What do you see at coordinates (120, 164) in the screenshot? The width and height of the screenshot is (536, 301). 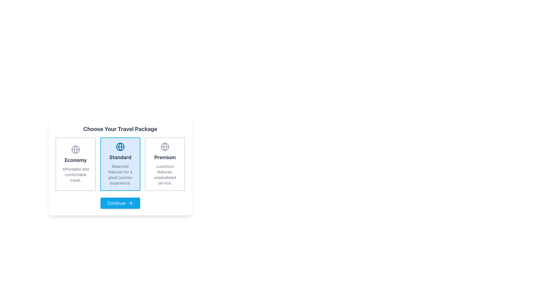 I see `the 'Standard' travel package tile in the grid layout` at bounding box center [120, 164].